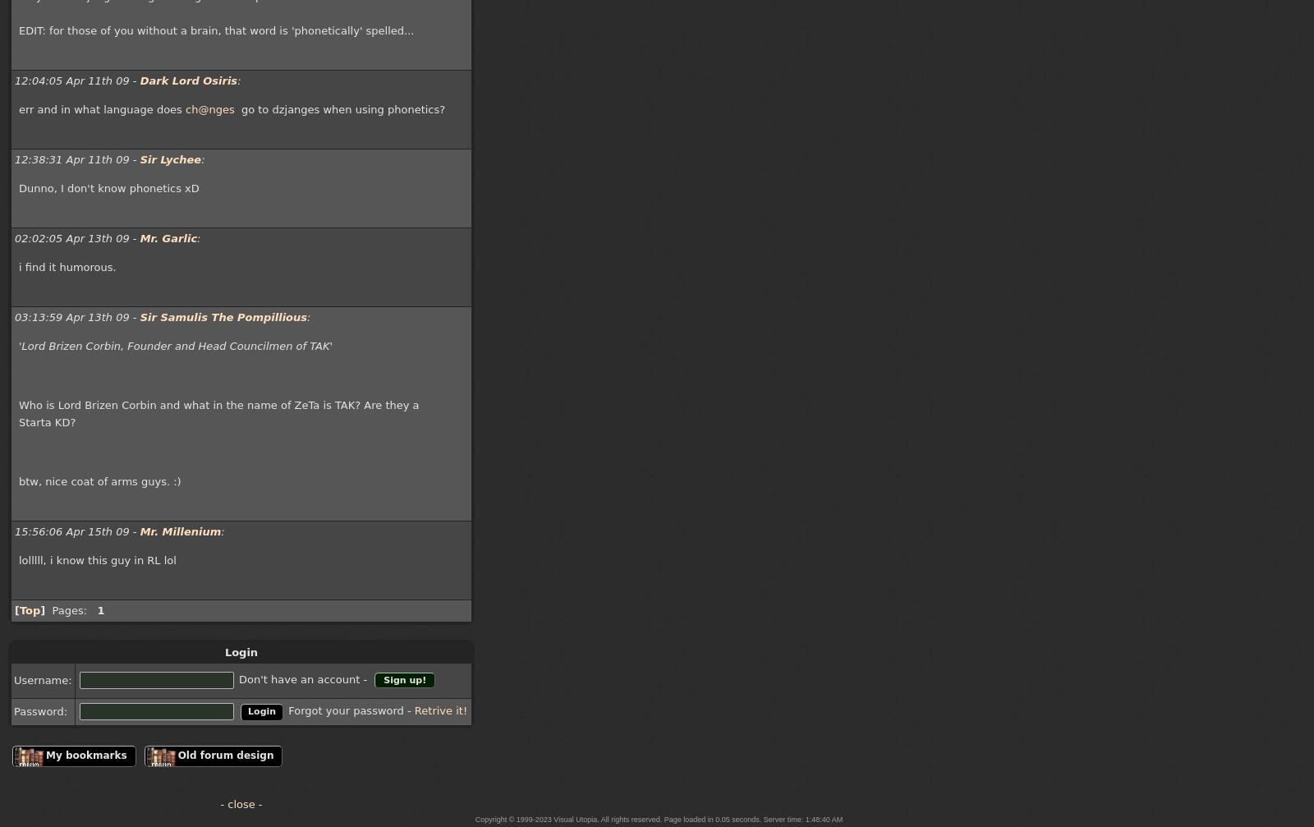 This screenshot has width=1314, height=827. What do you see at coordinates (656, 818) in the screenshot?
I see `'Copyright © 1999-2023 Visual Utopia. All rights reserved. Page loaded in 0.05 seconds. Server time: 1:48:40 AM'` at bounding box center [656, 818].